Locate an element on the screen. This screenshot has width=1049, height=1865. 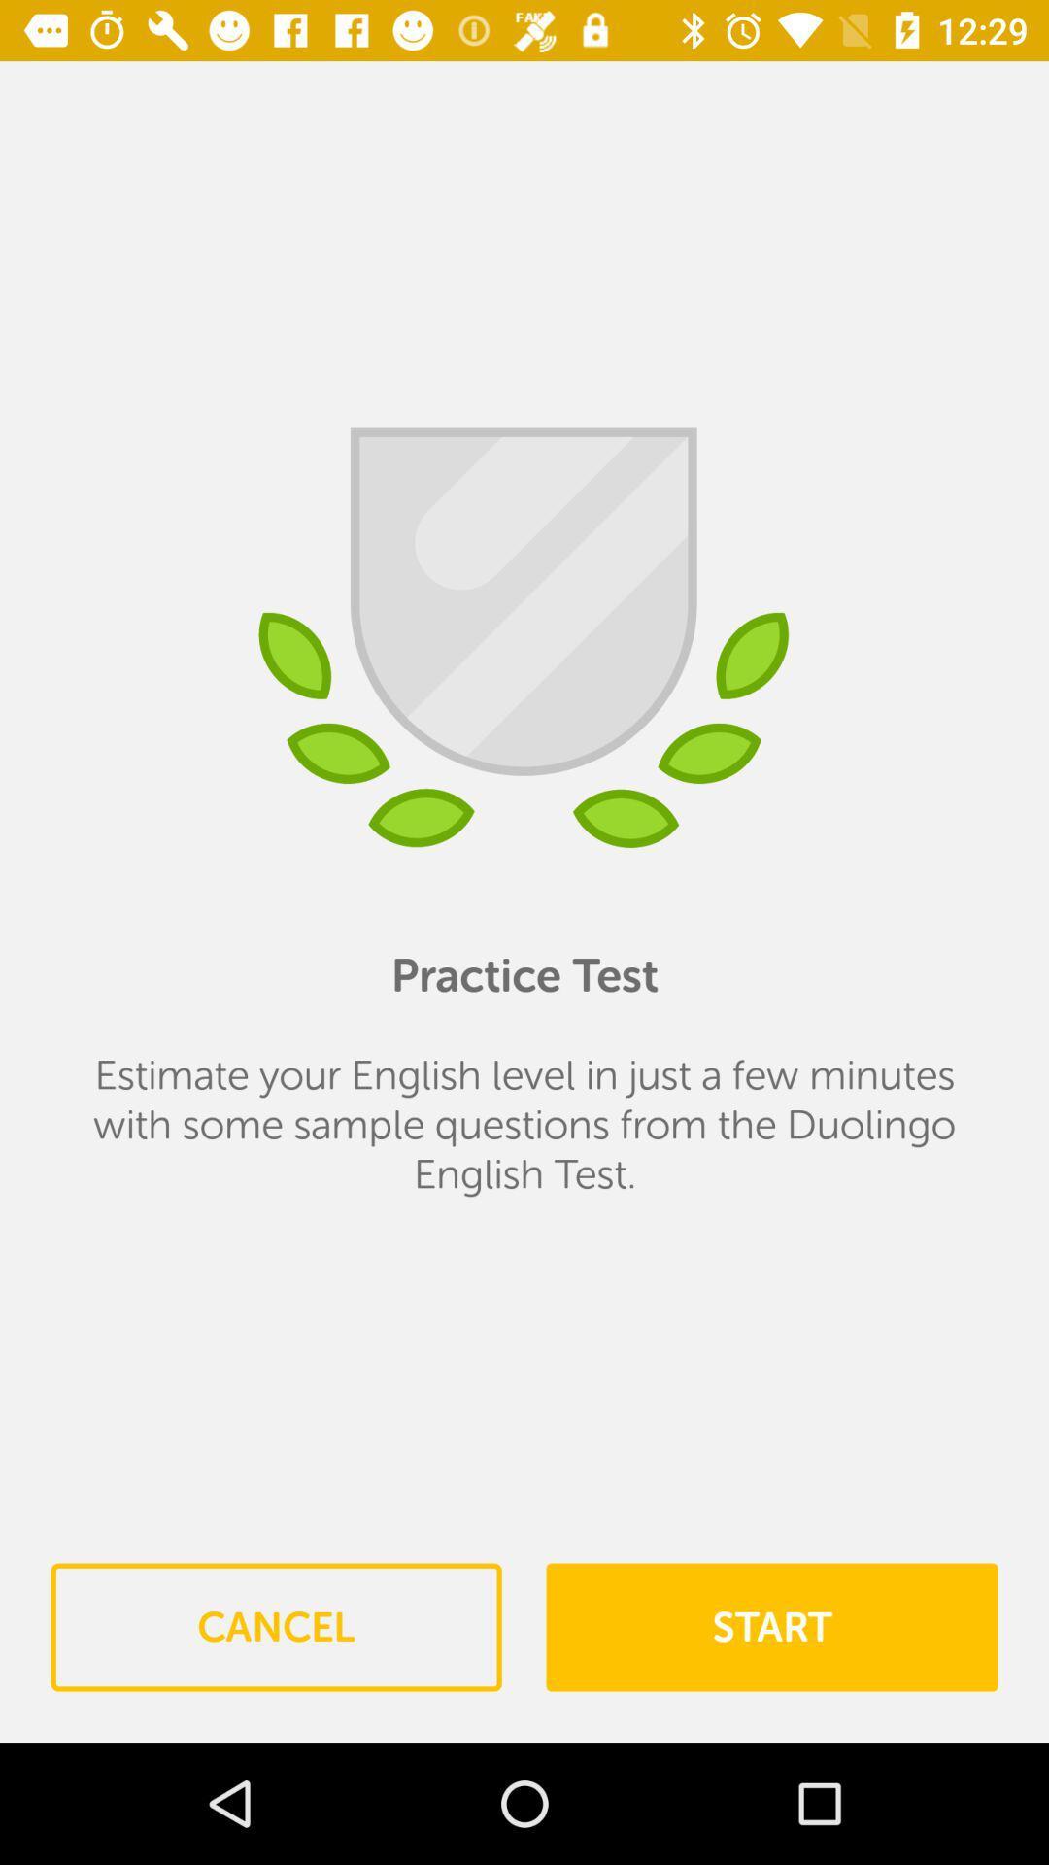
the start at the bottom right corner is located at coordinates (770, 1627).